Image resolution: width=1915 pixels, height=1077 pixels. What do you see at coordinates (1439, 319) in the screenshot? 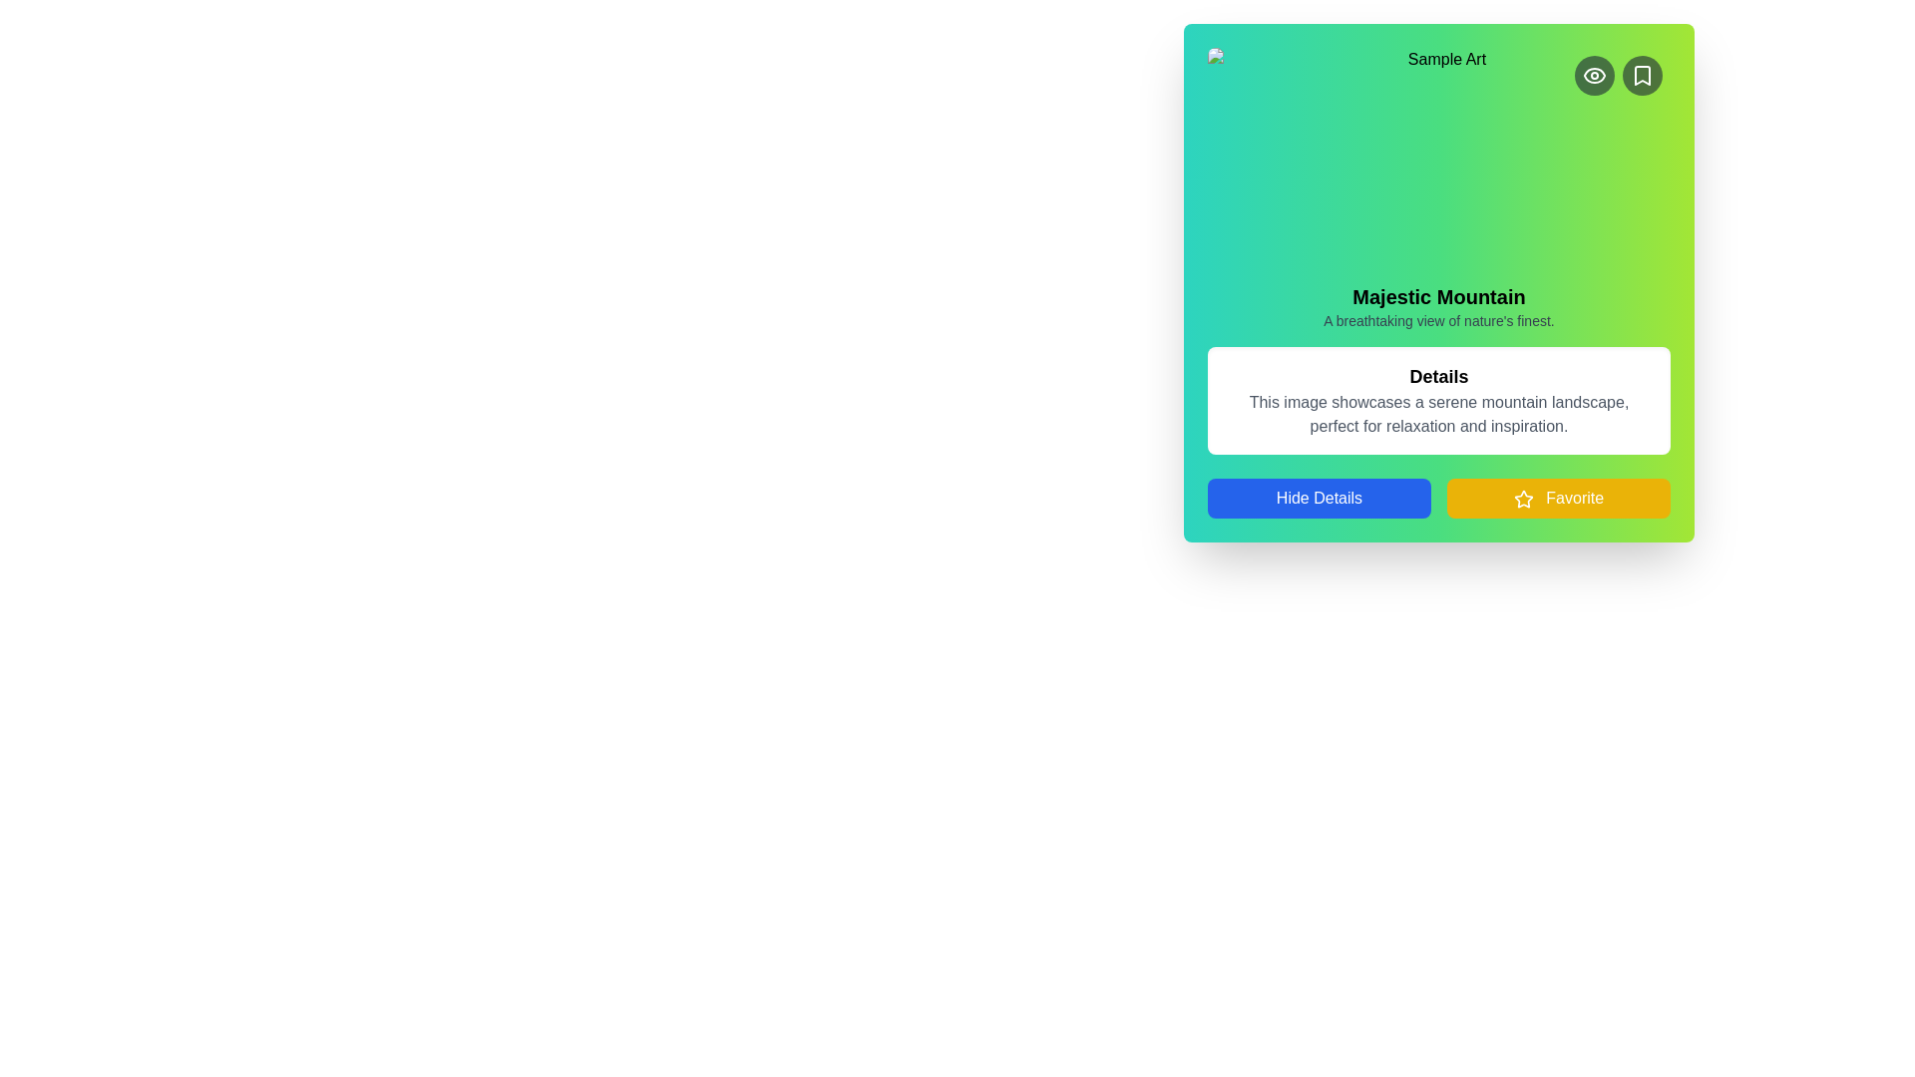
I see `the text label containing the phrase 'A breathtaking view of nature's finest.' which is styled in gray color and positioned below the title 'Majestic Mountain.'` at bounding box center [1439, 319].